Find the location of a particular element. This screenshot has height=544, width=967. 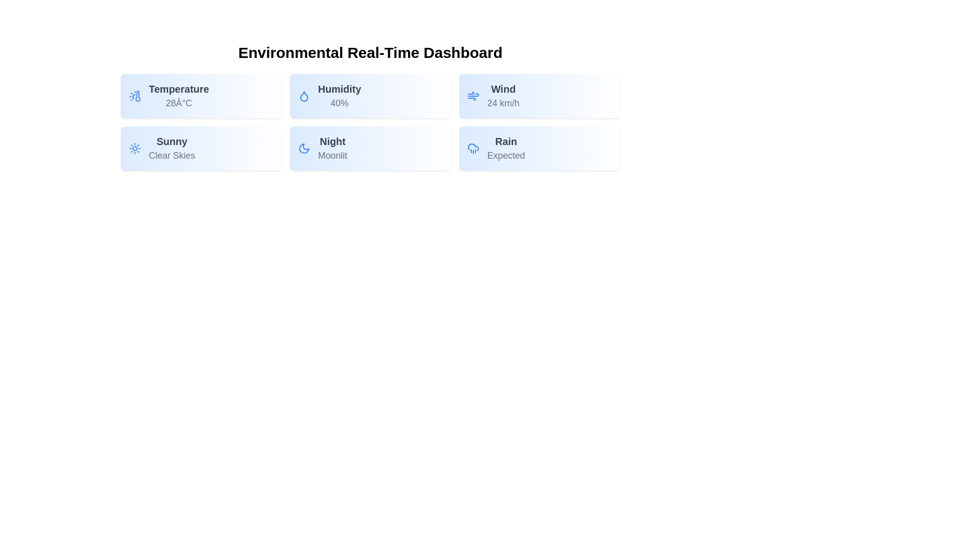

temperature value displayed in the Informational widget located in the upper-left quadrant of the interface, which is the first of six similar components arranged in a grid is located at coordinates (201, 96).